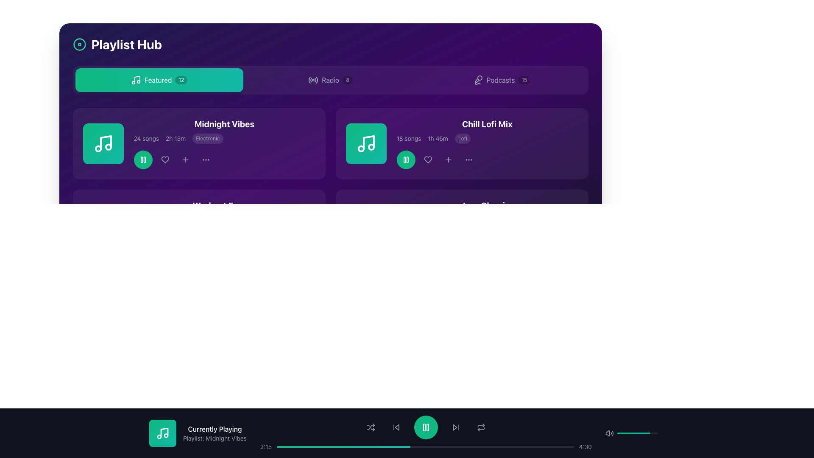 The height and width of the screenshot is (458, 814). Describe the element at coordinates (448, 160) in the screenshot. I see `the fourth clickable icon located in the row of interactive controls beneath the 'Chill Lofi Mix' playlist title` at that location.